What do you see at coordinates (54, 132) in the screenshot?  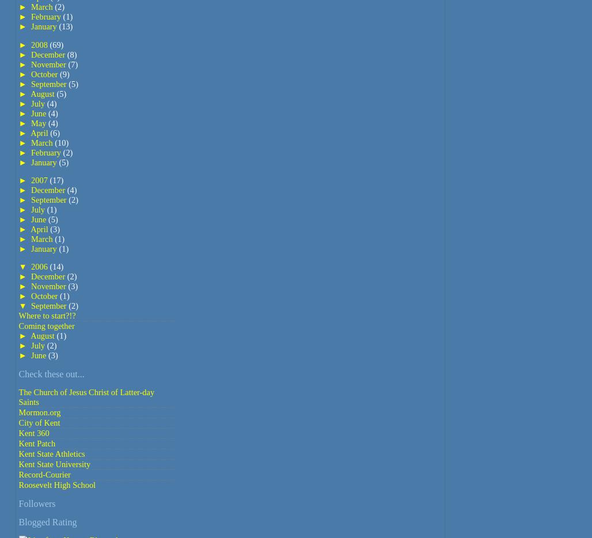 I see `'(6)'` at bounding box center [54, 132].